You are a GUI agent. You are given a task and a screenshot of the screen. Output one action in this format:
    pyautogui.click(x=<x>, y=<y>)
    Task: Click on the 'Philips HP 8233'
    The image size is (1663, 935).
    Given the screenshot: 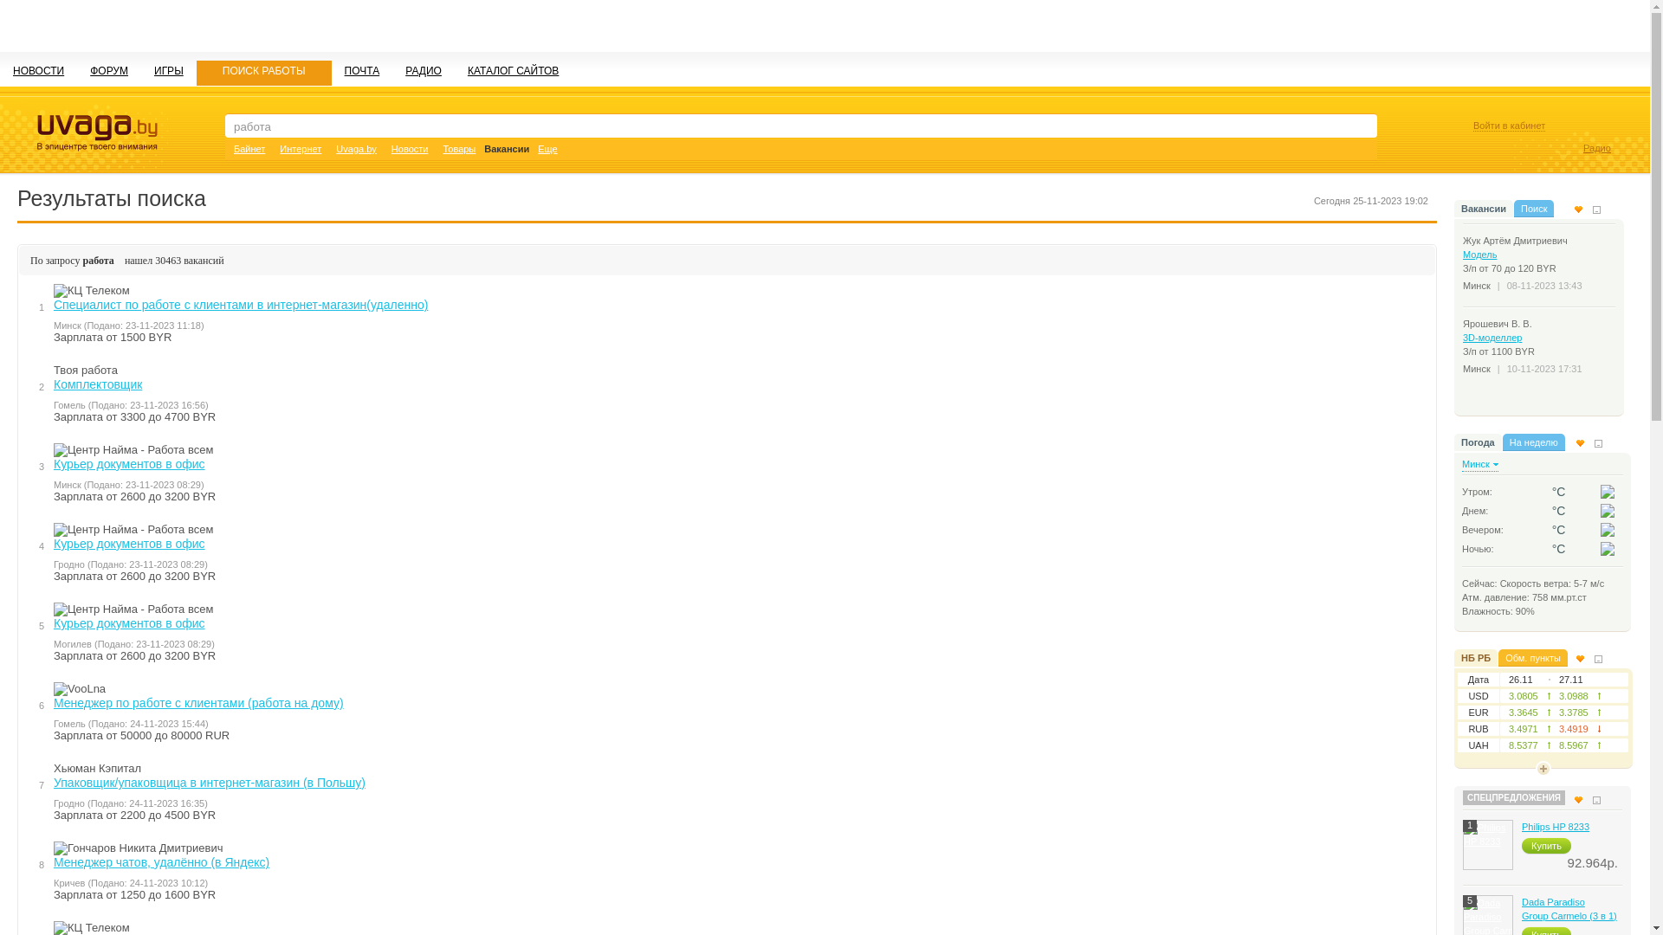 What is the action you would take?
    pyautogui.click(x=1555, y=826)
    